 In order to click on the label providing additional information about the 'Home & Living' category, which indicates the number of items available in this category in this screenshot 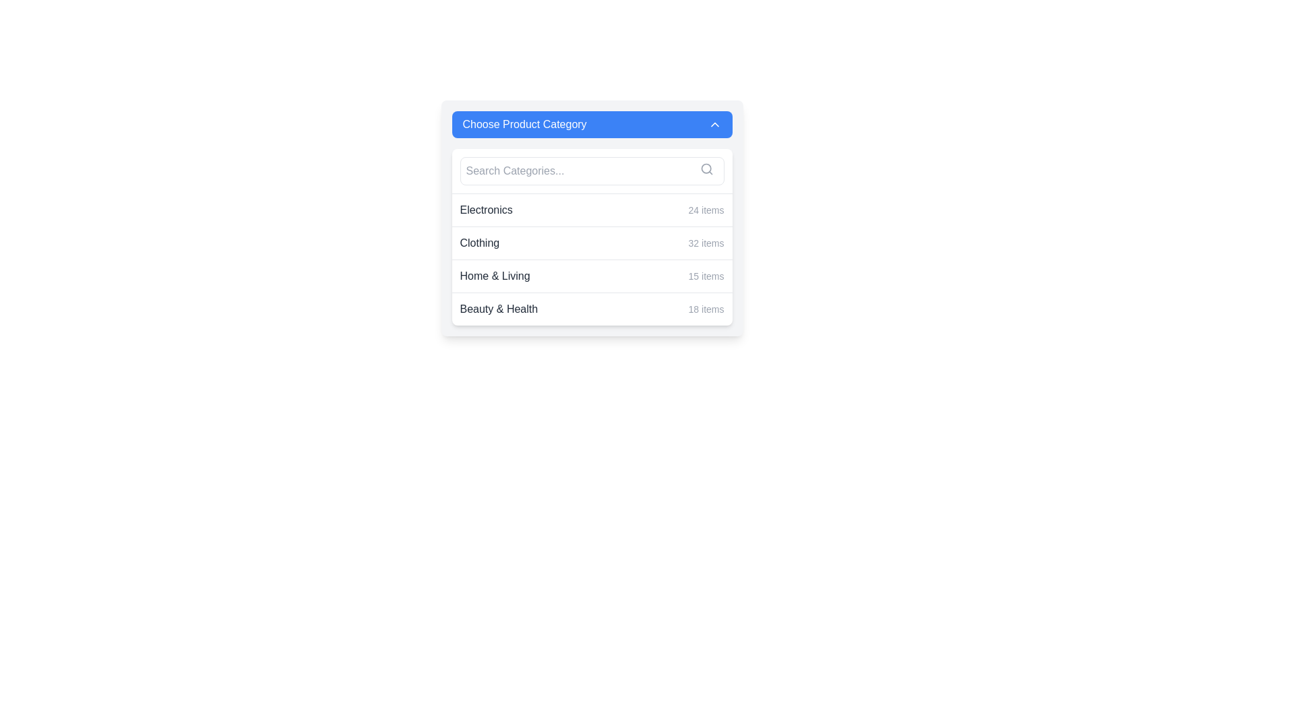, I will do `click(706, 275)`.